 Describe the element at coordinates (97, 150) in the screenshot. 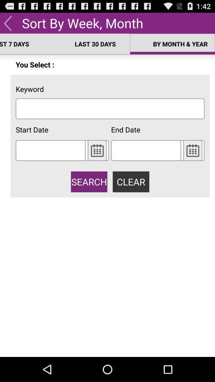

I see `calendar` at that location.